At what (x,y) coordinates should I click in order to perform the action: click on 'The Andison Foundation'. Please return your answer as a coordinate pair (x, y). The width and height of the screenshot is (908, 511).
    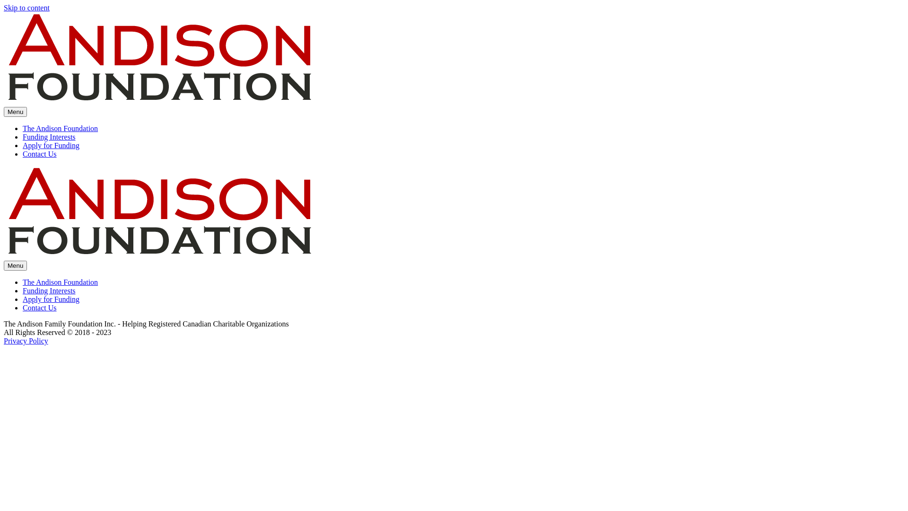
    Looking at the image, I should click on (60, 282).